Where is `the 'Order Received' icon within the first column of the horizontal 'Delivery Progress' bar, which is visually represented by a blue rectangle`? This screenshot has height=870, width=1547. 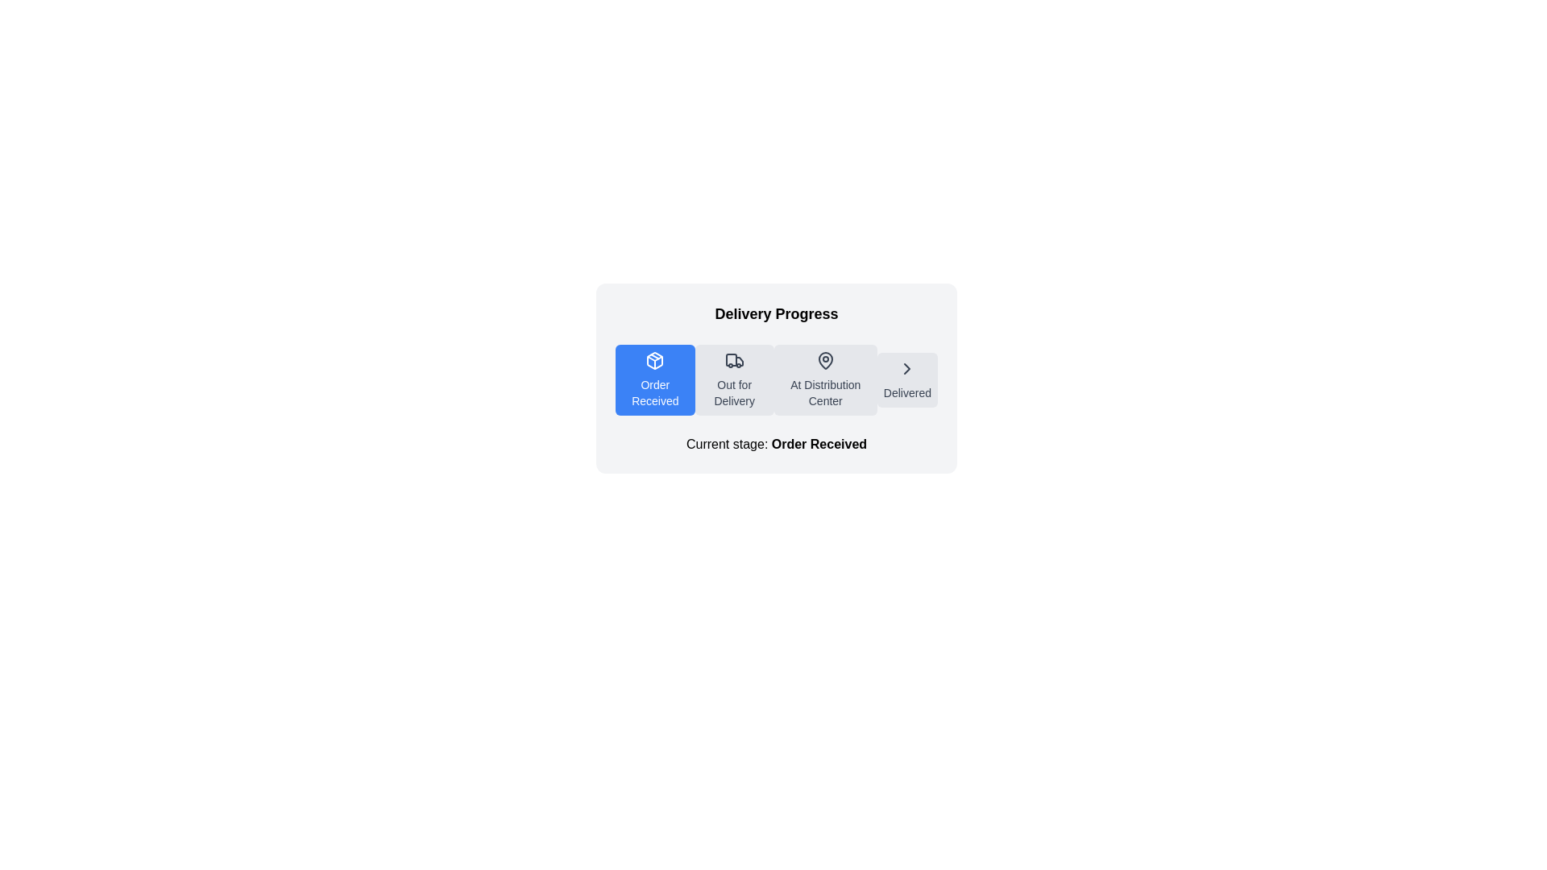 the 'Order Received' icon within the first column of the horizontal 'Delivery Progress' bar, which is visually represented by a blue rectangle is located at coordinates (655, 359).